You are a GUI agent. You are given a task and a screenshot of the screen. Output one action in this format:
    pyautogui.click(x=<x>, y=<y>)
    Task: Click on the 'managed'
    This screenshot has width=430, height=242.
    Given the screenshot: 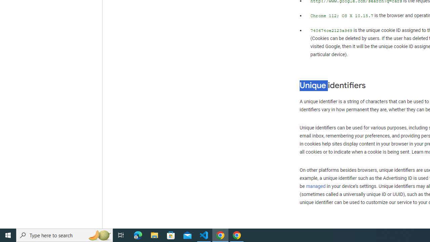 What is the action you would take?
    pyautogui.click(x=315, y=186)
    